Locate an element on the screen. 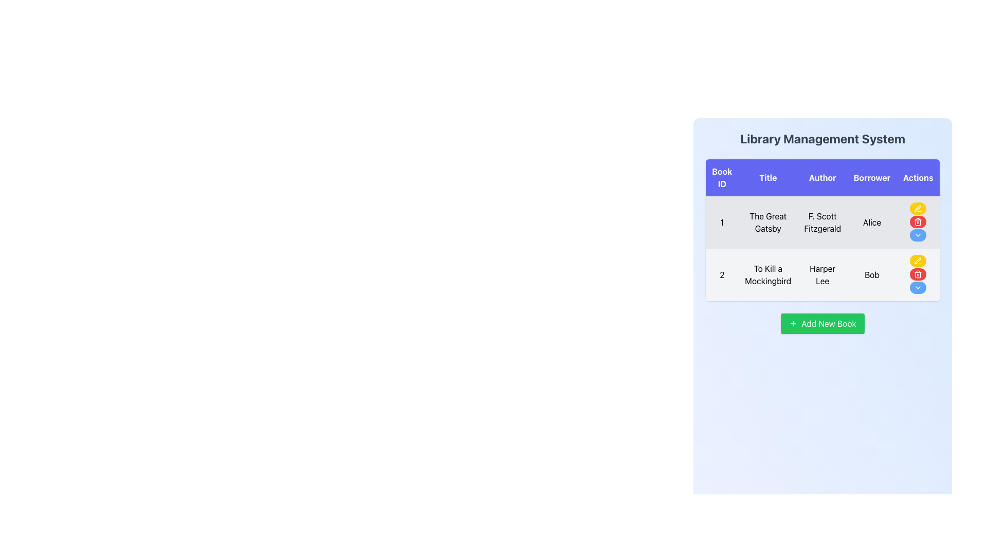 The image size is (987, 555). the trash bin icon button located in the 'Actions' column of the second row in the table is located at coordinates (918, 274).